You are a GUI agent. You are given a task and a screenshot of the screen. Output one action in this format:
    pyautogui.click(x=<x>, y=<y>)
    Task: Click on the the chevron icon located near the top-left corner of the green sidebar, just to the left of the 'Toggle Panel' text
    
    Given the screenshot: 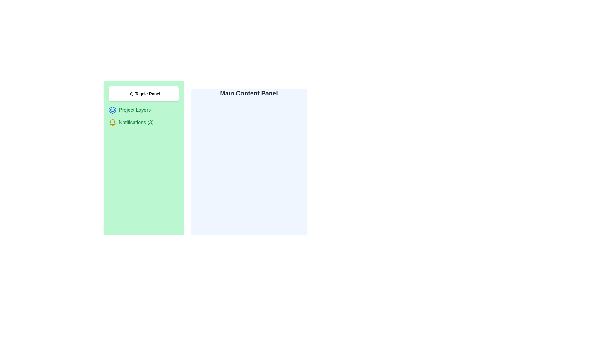 What is the action you would take?
    pyautogui.click(x=131, y=94)
    